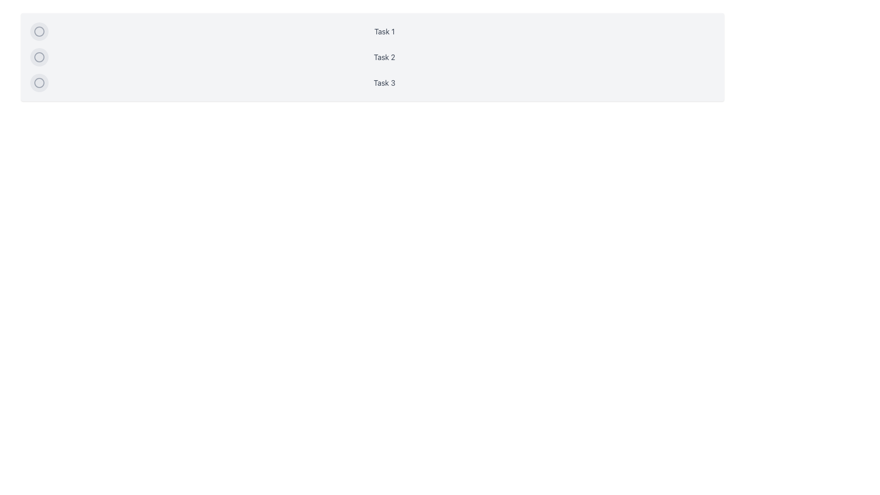 The image size is (880, 495). What do you see at coordinates (39, 57) in the screenshot?
I see `the second circular status marker on the left side of the interface, which represents the status of the second task in the list` at bounding box center [39, 57].